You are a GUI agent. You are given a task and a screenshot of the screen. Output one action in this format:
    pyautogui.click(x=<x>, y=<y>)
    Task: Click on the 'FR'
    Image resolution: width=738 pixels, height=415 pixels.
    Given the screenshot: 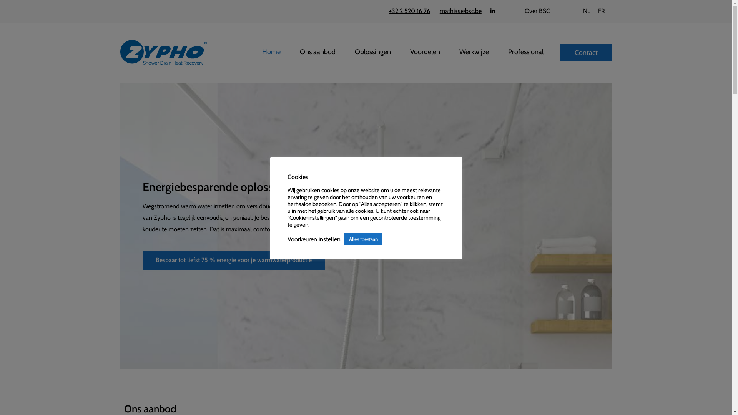 What is the action you would take?
    pyautogui.click(x=593, y=11)
    